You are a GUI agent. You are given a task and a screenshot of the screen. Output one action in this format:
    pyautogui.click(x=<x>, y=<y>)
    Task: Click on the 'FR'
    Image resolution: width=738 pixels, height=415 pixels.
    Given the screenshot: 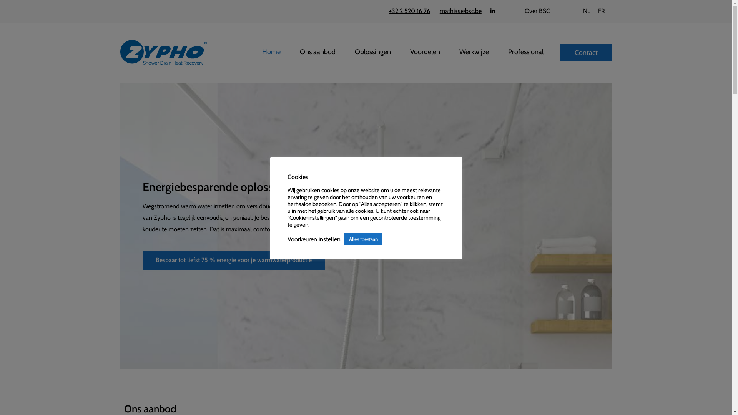 What is the action you would take?
    pyautogui.click(x=593, y=11)
    